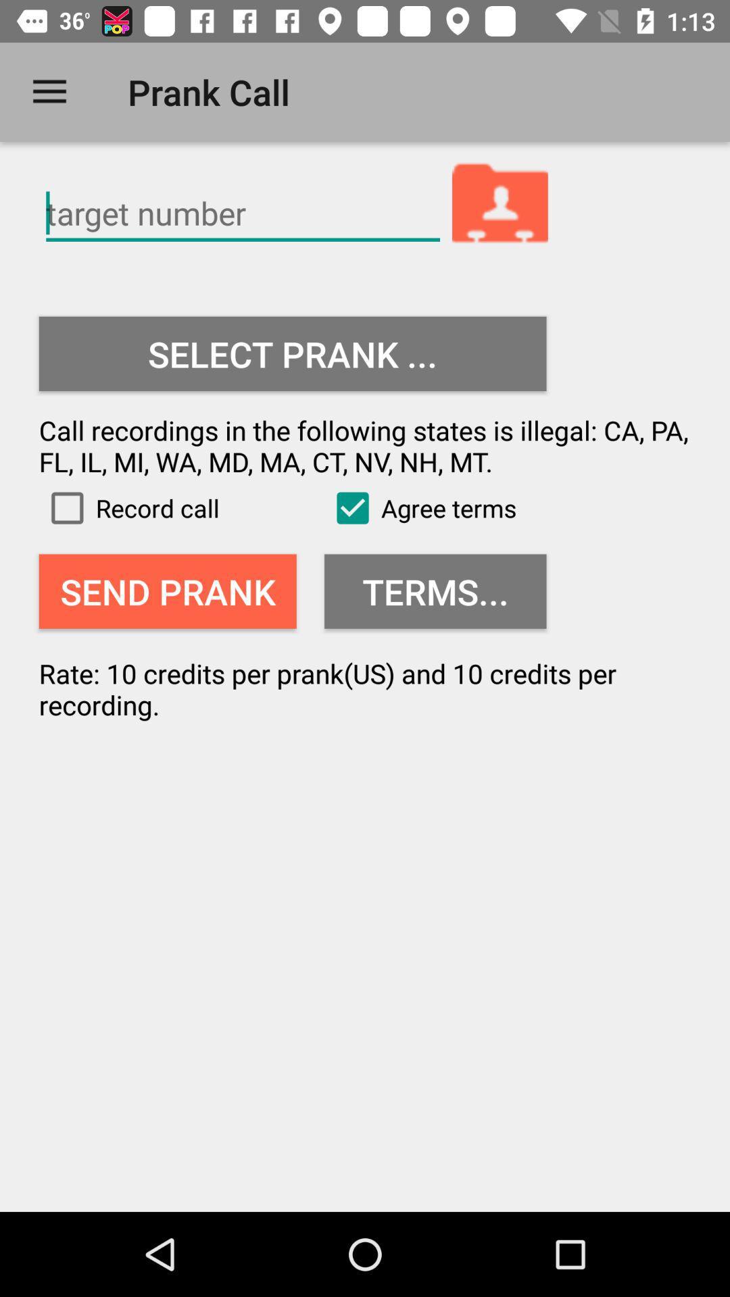 The height and width of the screenshot is (1297, 730). What do you see at coordinates (500, 205) in the screenshot?
I see `the folder icon` at bounding box center [500, 205].